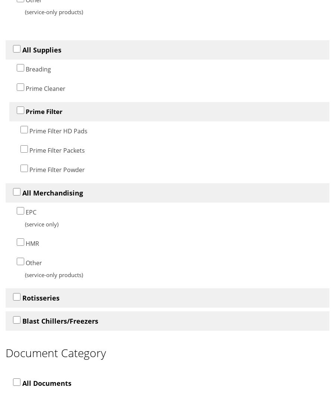 The image size is (335, 397). Describe the element at coordinates (56, 169) in the screenshot. I see `'Prime Filter Powder'` at that location.